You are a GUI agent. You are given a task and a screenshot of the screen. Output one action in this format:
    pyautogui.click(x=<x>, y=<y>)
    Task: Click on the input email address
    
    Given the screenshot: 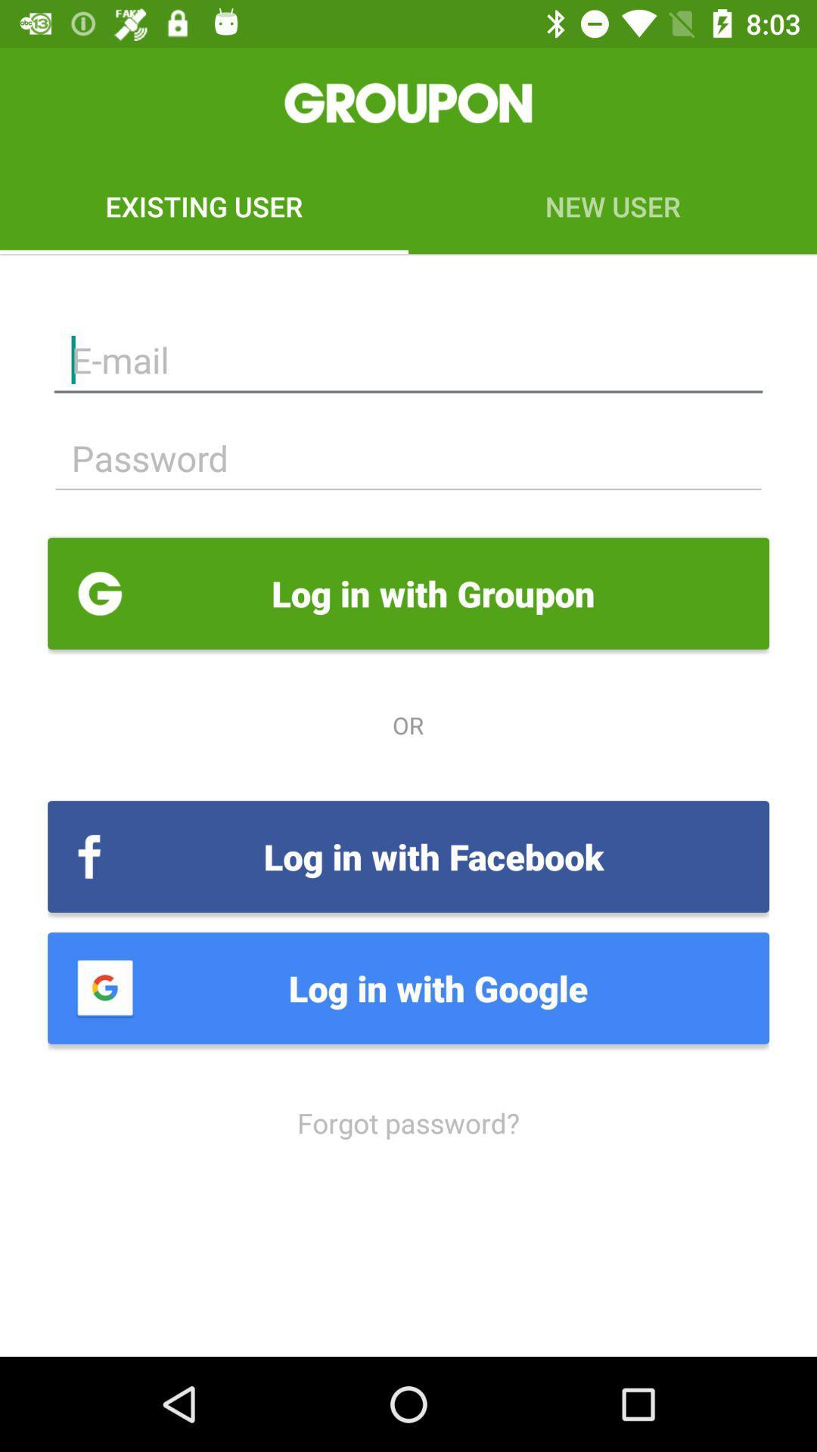 What is the action you would take?
    pyautogui.click(x=408, y=359)
    